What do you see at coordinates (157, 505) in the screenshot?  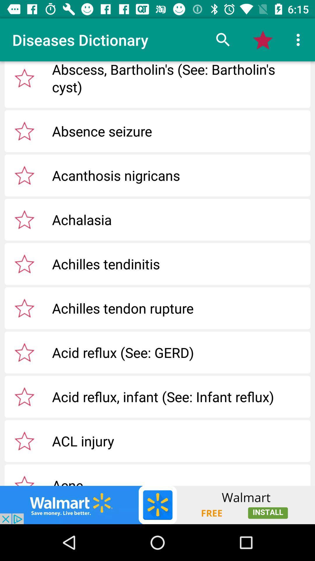 I see `advertisement in the bottom` at bounding box center [157, 505].